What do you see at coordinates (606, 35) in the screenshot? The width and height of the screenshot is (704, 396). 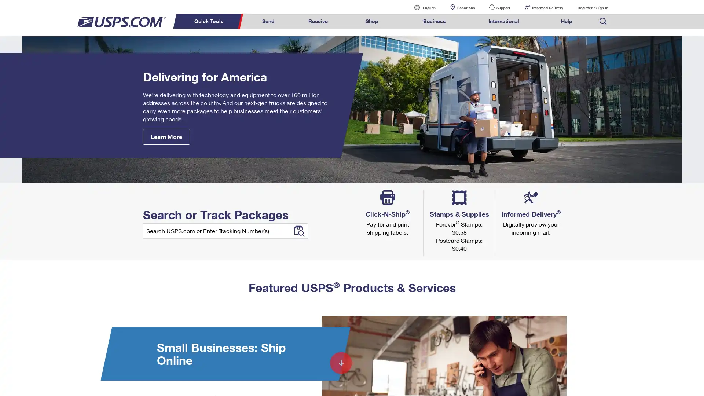 I see `Search` at bounding box center [606, 35].